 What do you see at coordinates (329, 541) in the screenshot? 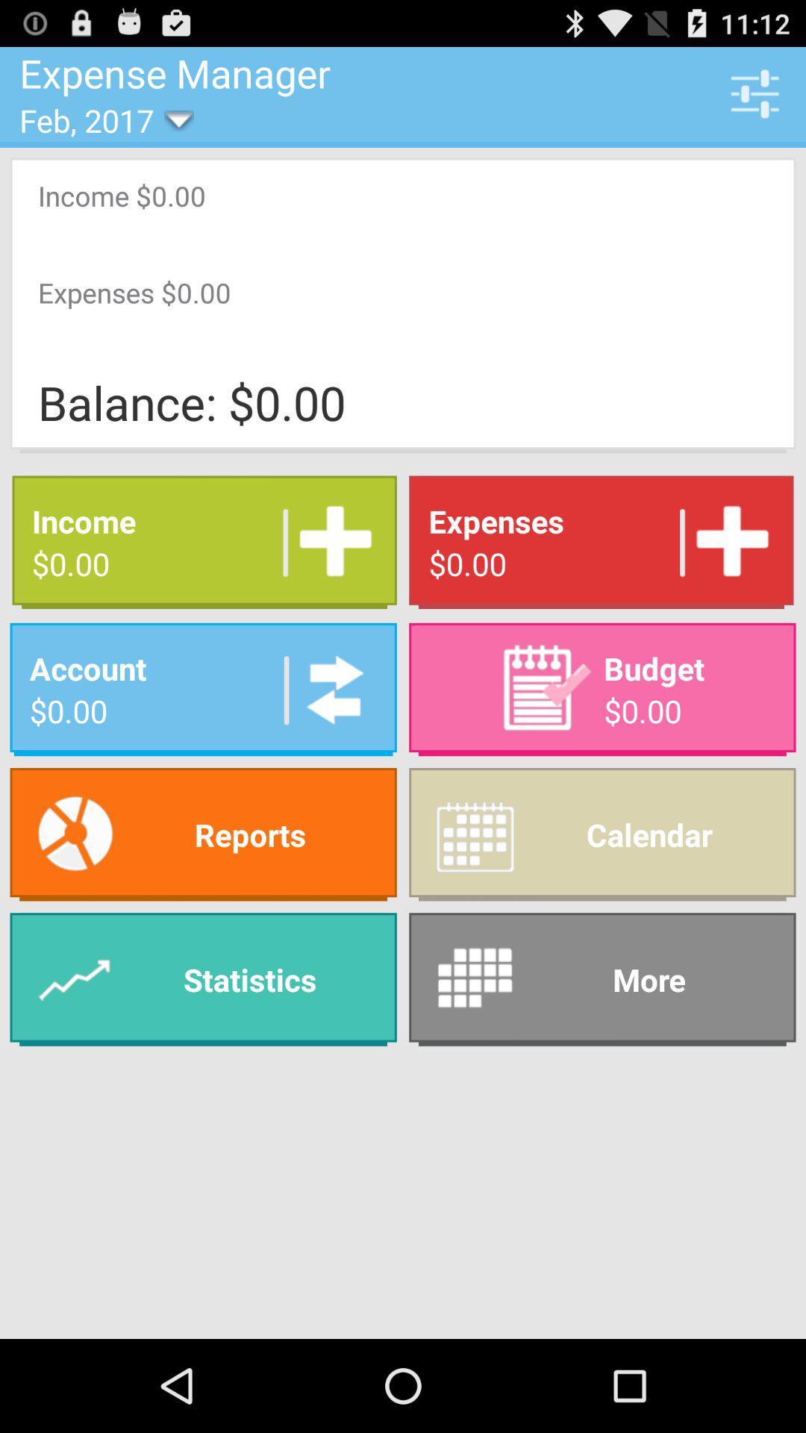
I see `the app to the left of the expenses` at bounding box center [329, 541].